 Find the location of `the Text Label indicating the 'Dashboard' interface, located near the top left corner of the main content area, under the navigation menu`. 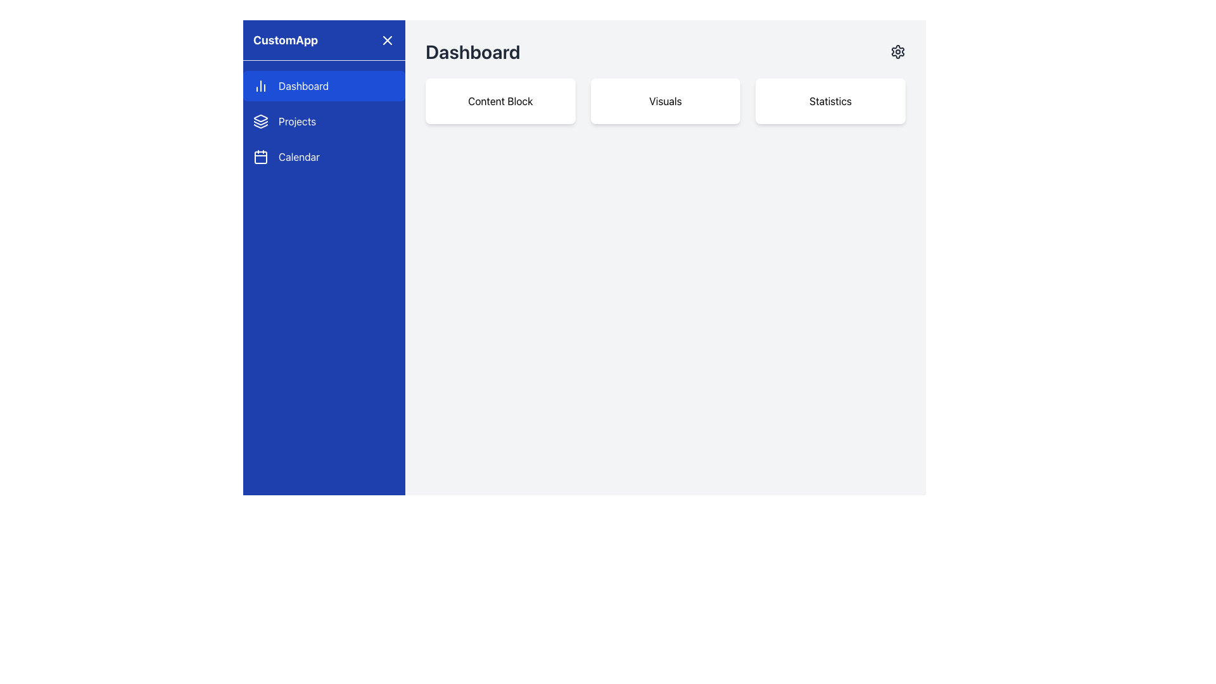

the Text Label indicating the 'Dashboard' interface, located near the top left corner of the main content area, under the navigation menu is located at coordinates (472, 51).